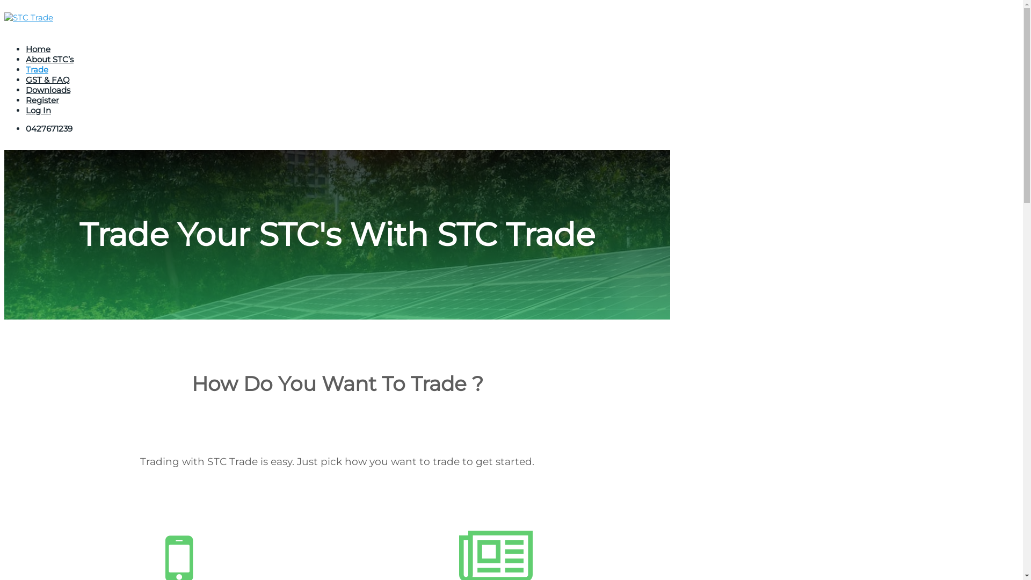 The height and width of the screenshot is (580, 1031). I want to click on 'Log In', so click(38, 110).